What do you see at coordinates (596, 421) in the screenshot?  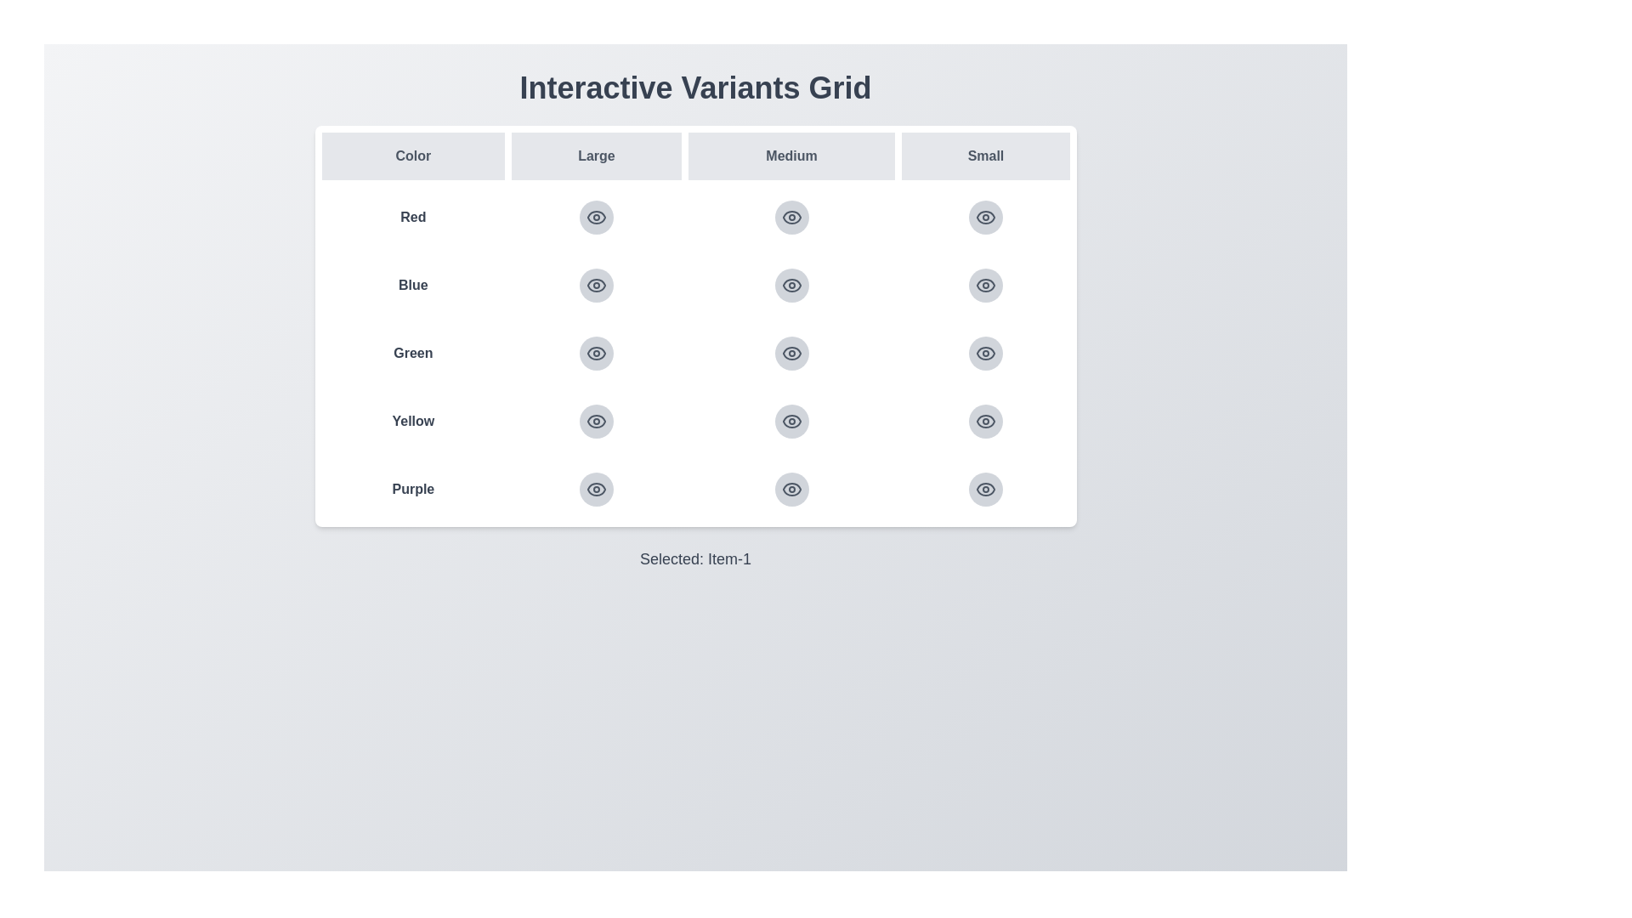 I see `the toggle button in the 'Interactive Variants Grid' interface located in the fourth row (Yellow) and second column (Large)` at bounding box center [596, 421].